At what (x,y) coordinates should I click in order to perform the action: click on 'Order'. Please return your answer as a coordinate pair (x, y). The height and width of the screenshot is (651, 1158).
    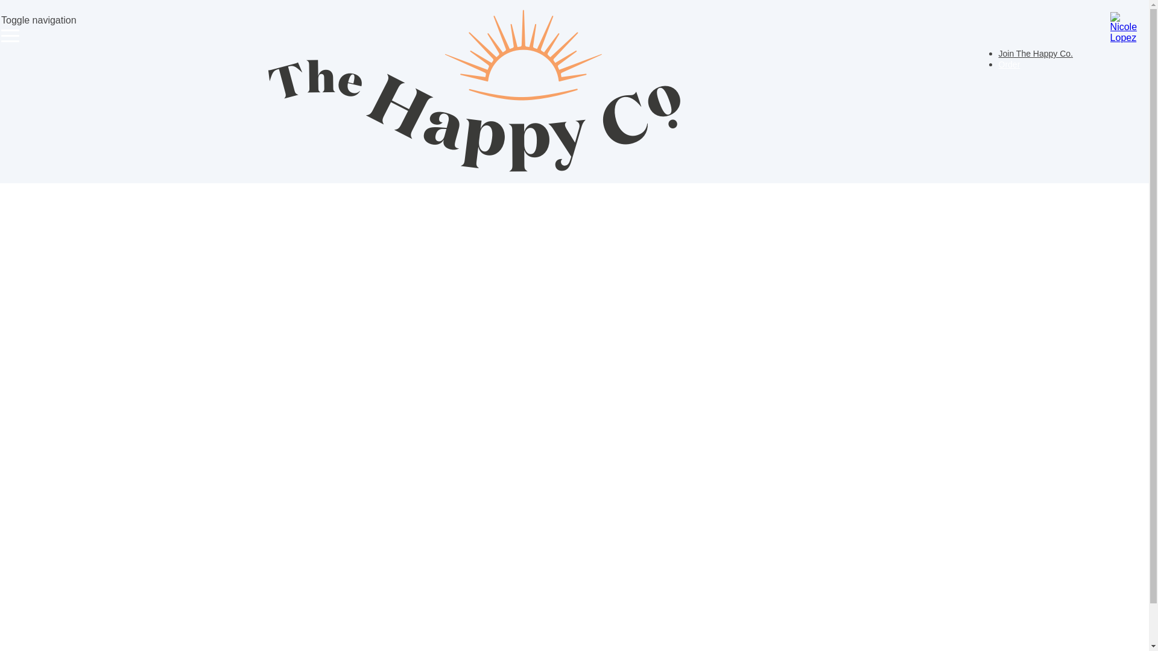
    Looking at the image, I should click on (1010, 64).